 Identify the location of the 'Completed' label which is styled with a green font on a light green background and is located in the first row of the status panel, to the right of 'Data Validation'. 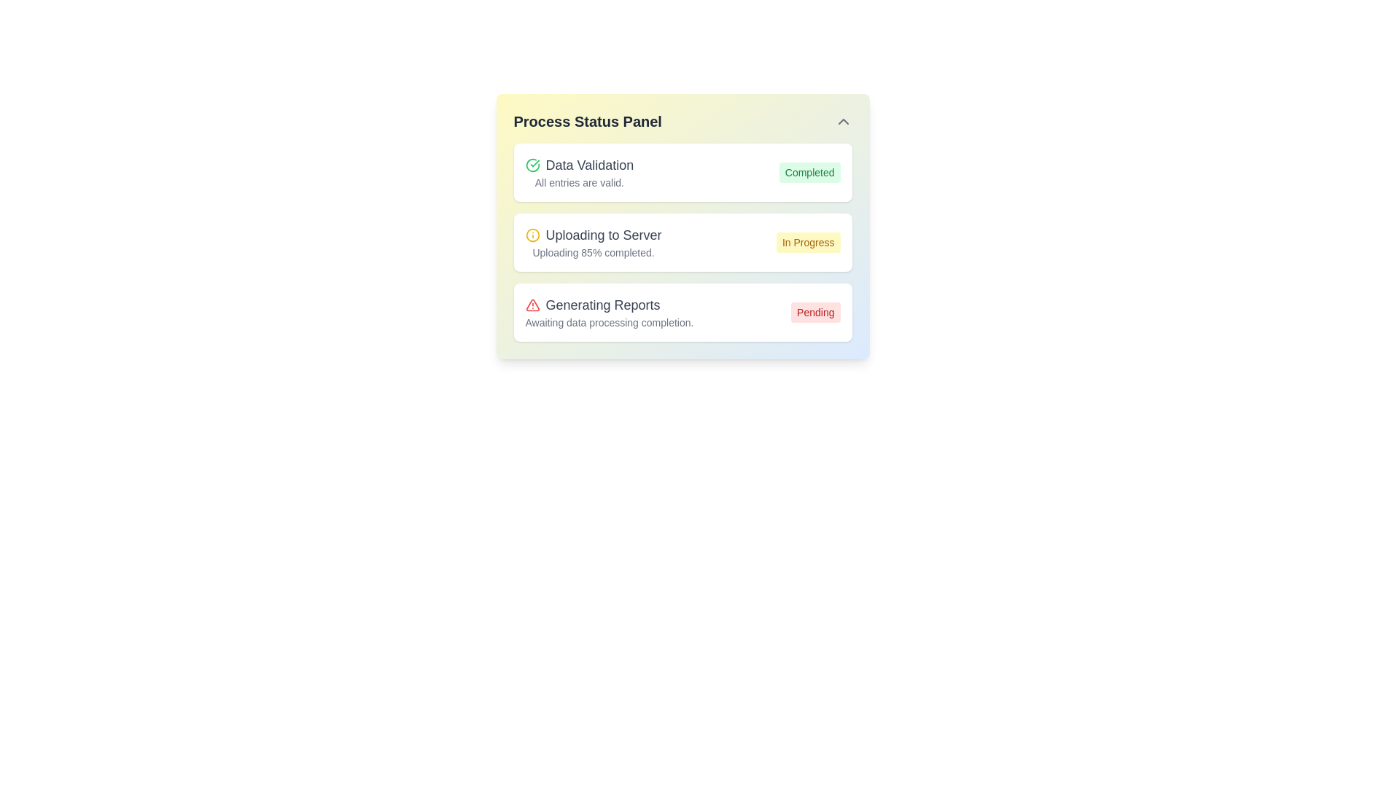
(809, 171).